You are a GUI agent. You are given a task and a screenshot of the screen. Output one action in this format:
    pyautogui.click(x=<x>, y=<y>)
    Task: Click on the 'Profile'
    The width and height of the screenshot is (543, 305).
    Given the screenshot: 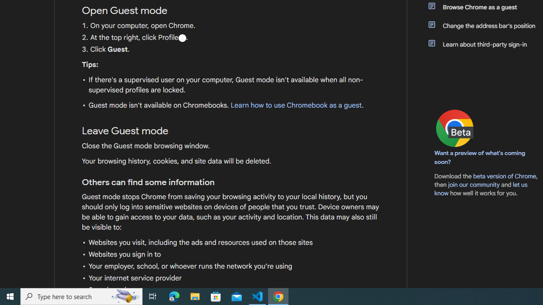 What is the action you would take?
    pyautogui.click(x=182, y=37)
    